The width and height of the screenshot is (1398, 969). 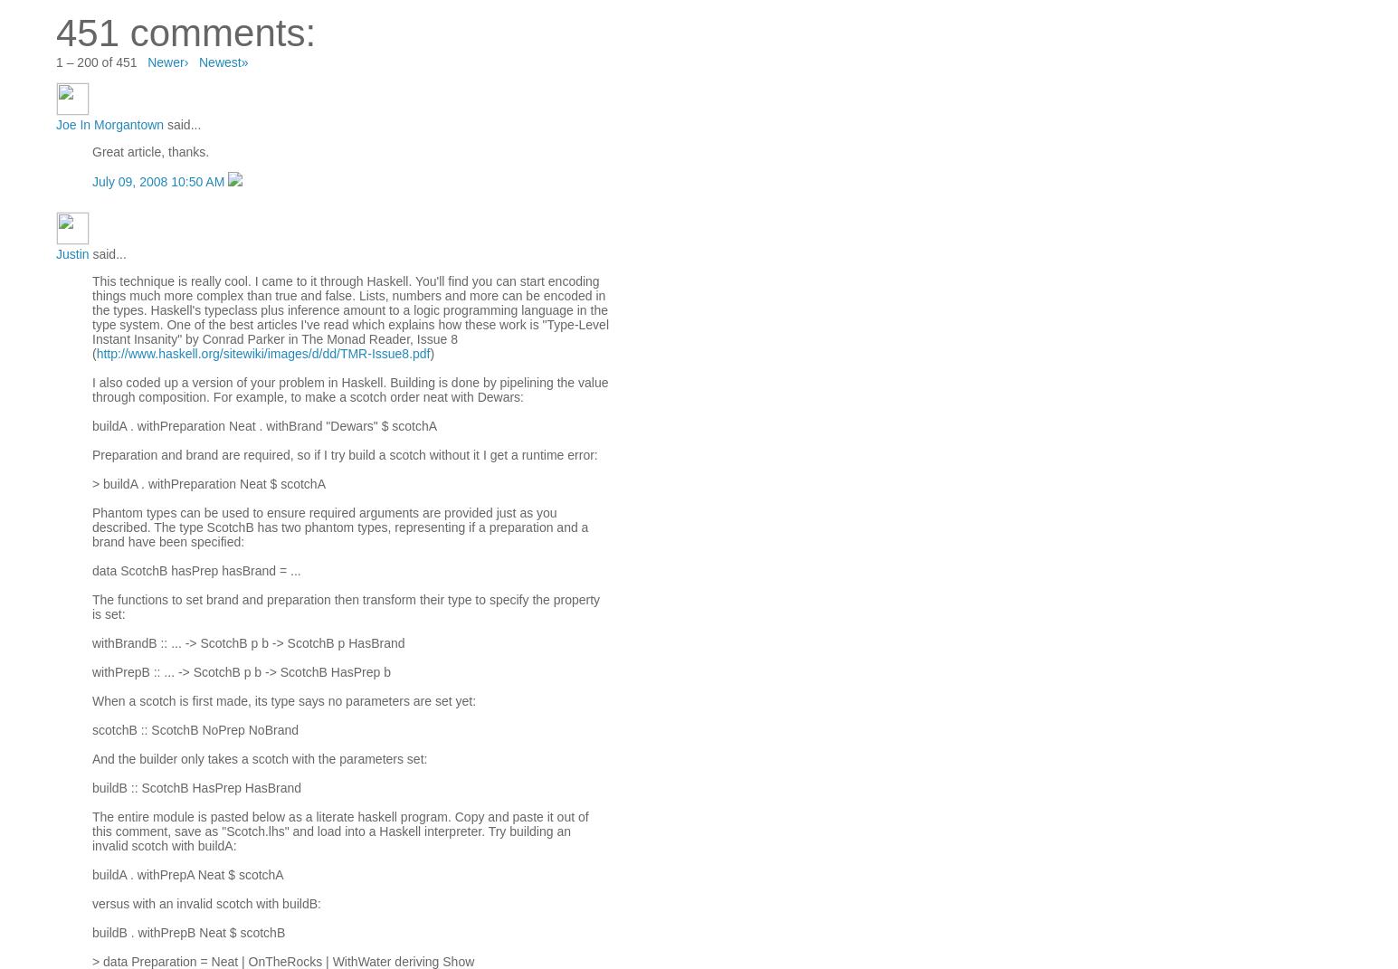 What do you see at coordinates (349, 316) in the screenshot?
I see `'This technique is really cool. I came to it through Haskell. You'll find you can start encoding things much more complex than true and false. Lists, numbers and more can be encoded in the types. Haskell's typeclass plus inference amount to a logic programming language in the type system. One of the best articles I've read which explains how these work is "Type-Level Instant Insanity" by Conrad Parker in The Monad Reader, Issue 8 ('` at bounding box center [349, 316].